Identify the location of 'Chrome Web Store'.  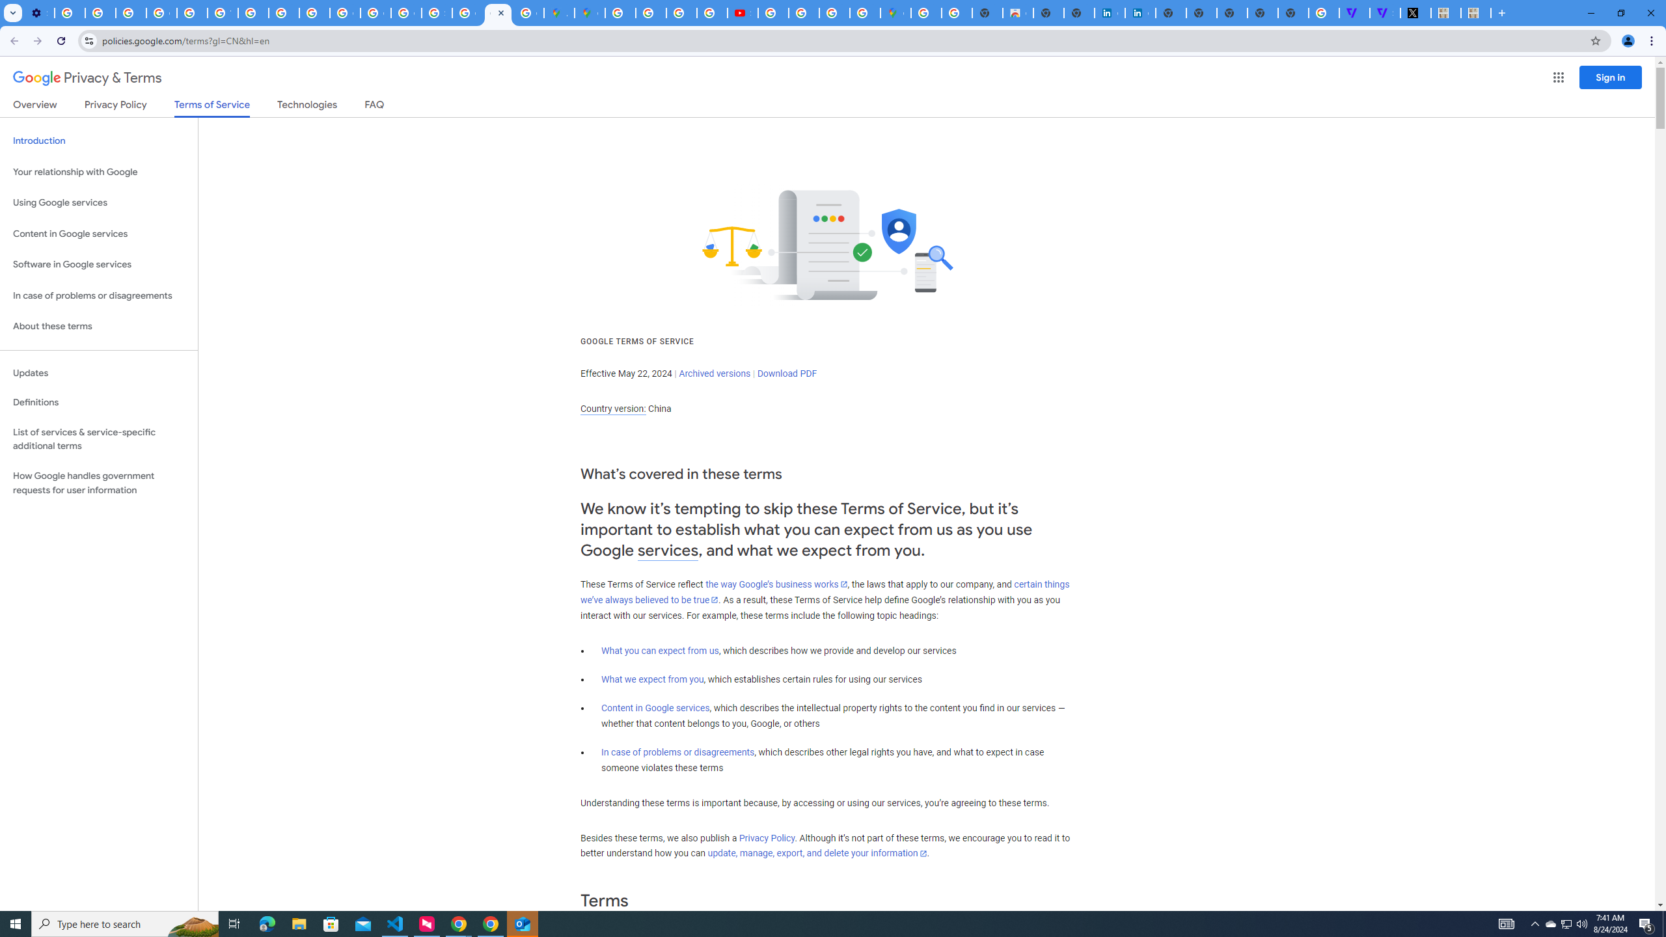
(1018, 12).